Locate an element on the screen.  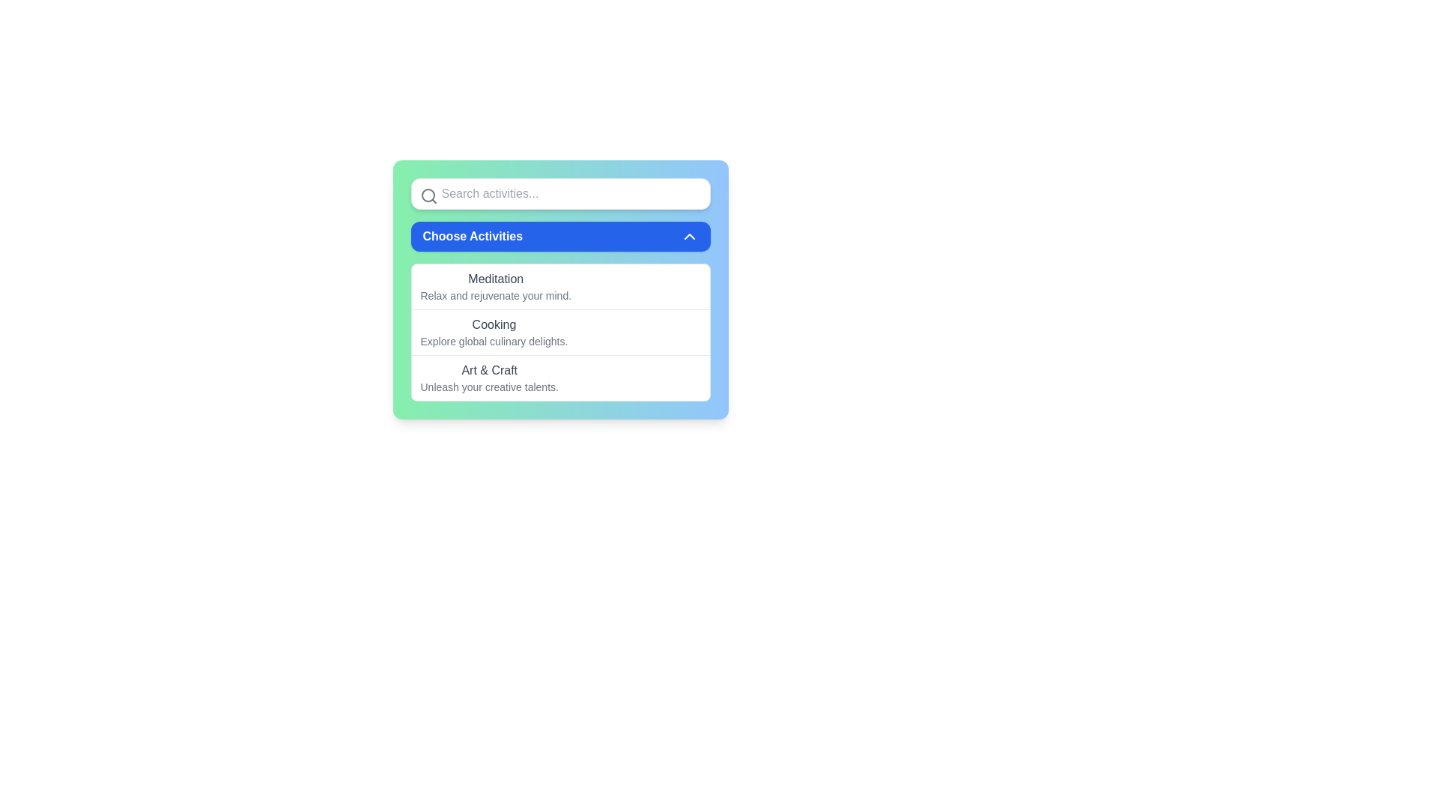
the second list item under the 'Choose Activities' heading, which contains the text 'Cooking' and the caption 'Explore global culinary delights.' is located at coordinates (494, 331).